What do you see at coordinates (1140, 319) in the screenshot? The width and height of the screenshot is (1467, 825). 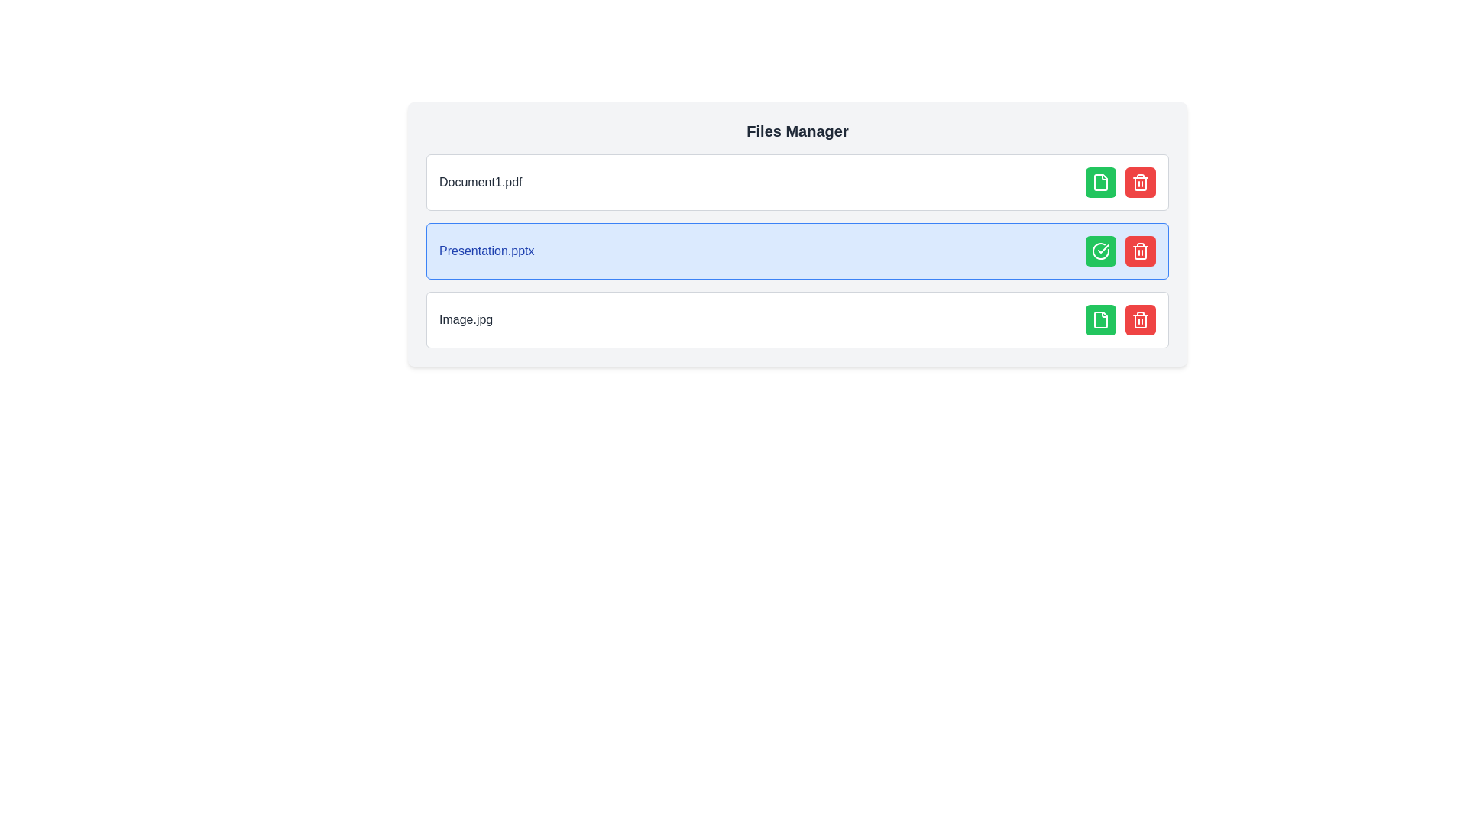 I see `the second button in the horizontal button group, located on the far right` at bounding box center [1140, 319].